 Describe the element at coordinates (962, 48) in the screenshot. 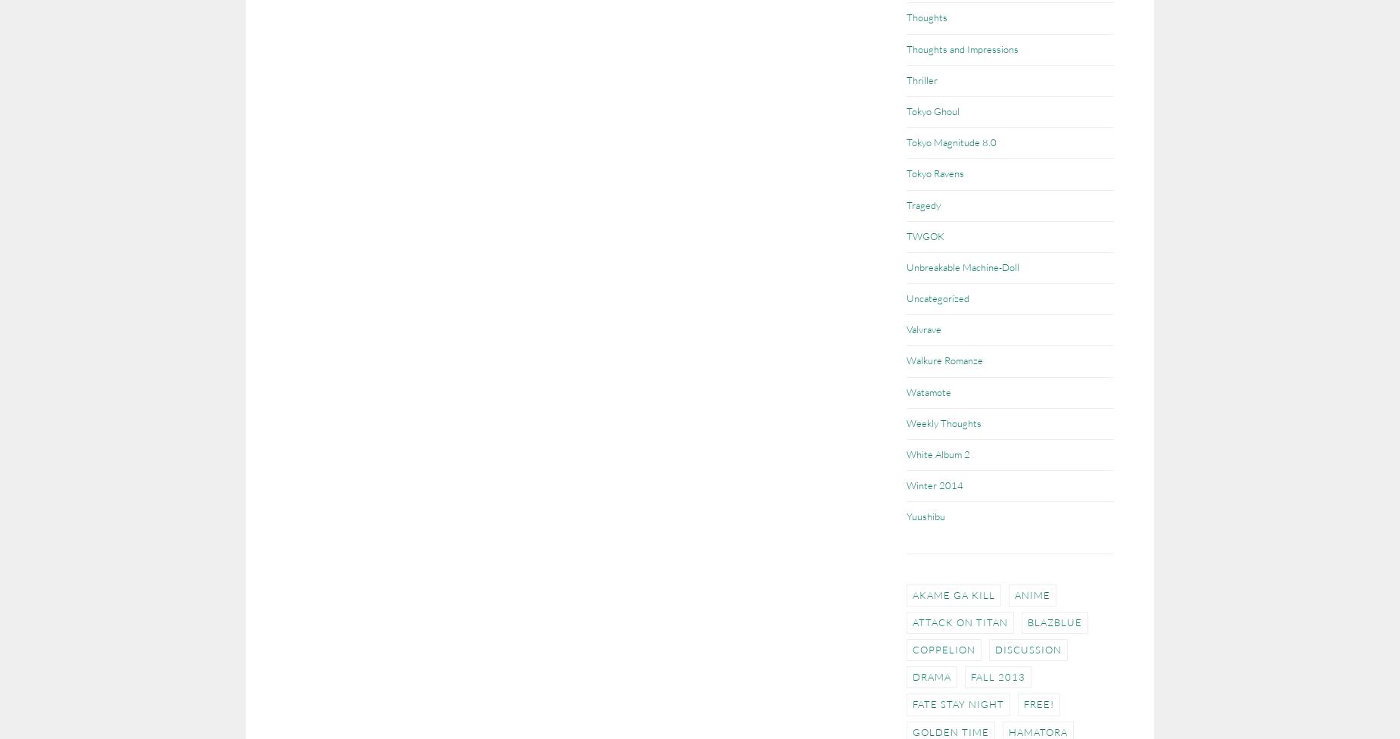

I see `'Thoughts and Impressions'` at that location.